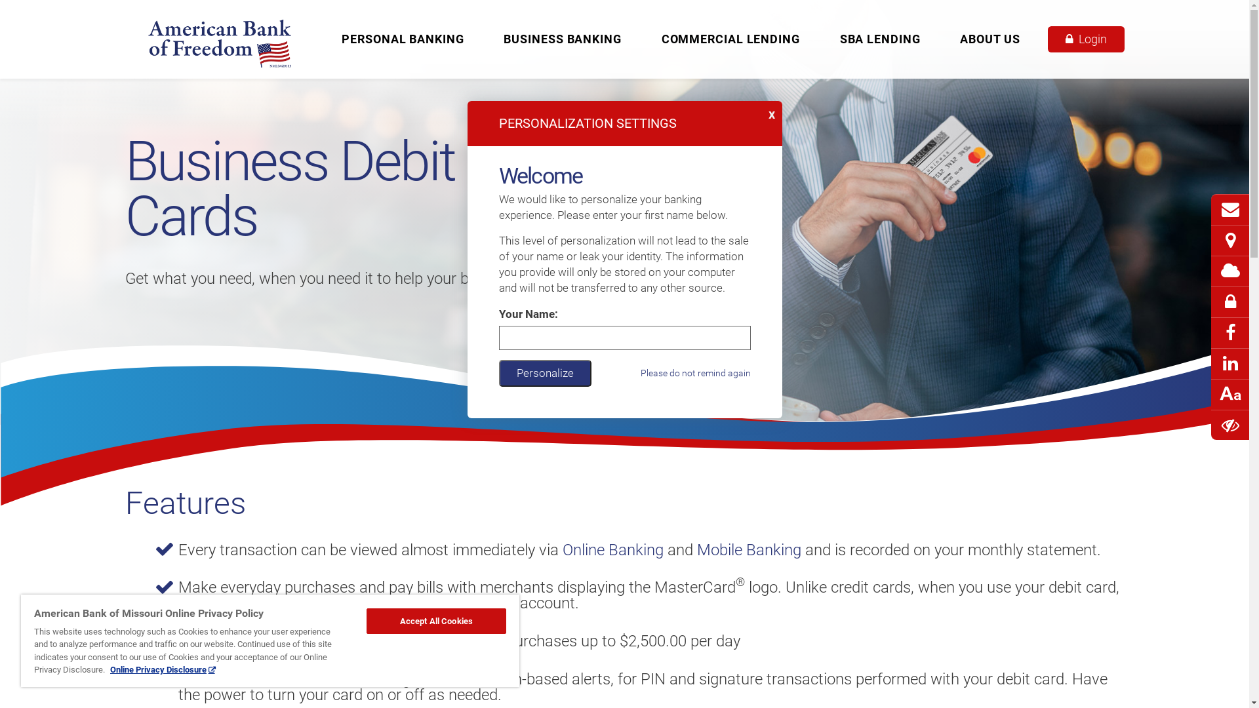 Image resolution: width=1259 pixels, height=708 pixels. I want to click on 'Locations', so click(1229, 241).